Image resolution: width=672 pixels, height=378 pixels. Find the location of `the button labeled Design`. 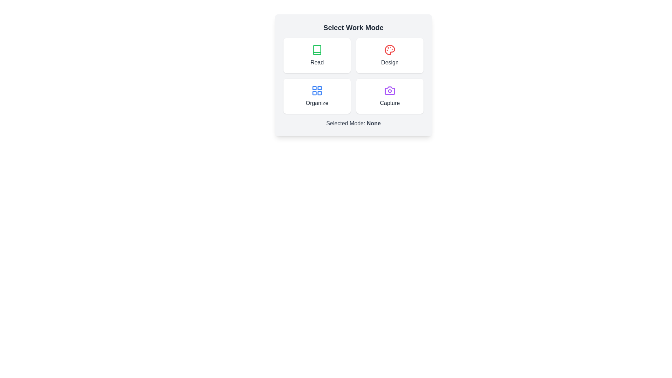

the button labeled Design is located at coordinates (389, 55).